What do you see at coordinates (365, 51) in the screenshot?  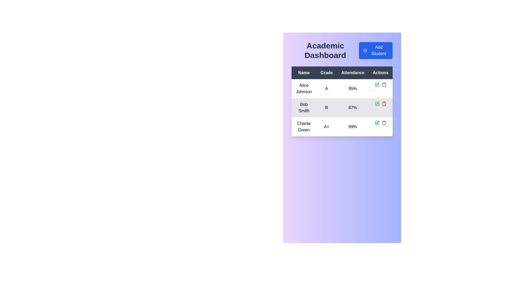 I see `the circular icon within the 'Add Student' button located at the top-right corner of the Academic Dashboard interface` at bounding box center [365, 51].